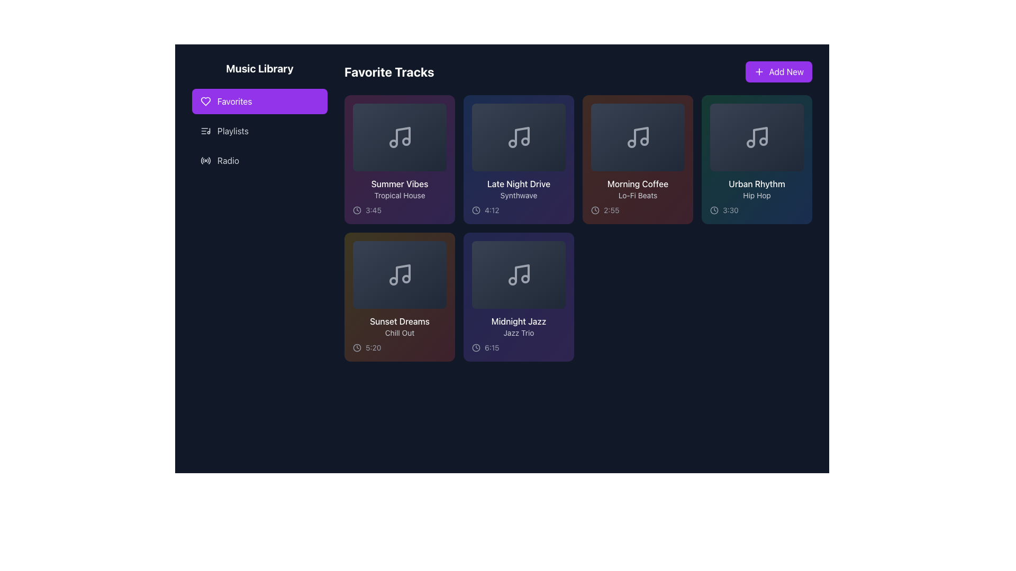  I want to click on the music track tile, which is the third tile in the top row of the grid layout, so click(637, 159).